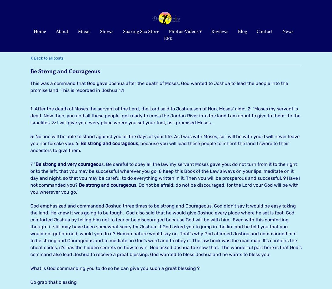 This screenshot has width=332, height=289. What do you see at coordinates (165, 174) in the screenshot?
I see `'s. Be careful to obey all the law my servant Moses gave you; do not turn from it to the right or to the left, that you may be successful wherever you go. 8 Keep this Book of the Law always on your lips; meditate on it day and night, so that you may be careful to do everything written in it. Then you will be prosperous and successful. 9 Have I not commanded you?'` at bounding box center [165, 174].